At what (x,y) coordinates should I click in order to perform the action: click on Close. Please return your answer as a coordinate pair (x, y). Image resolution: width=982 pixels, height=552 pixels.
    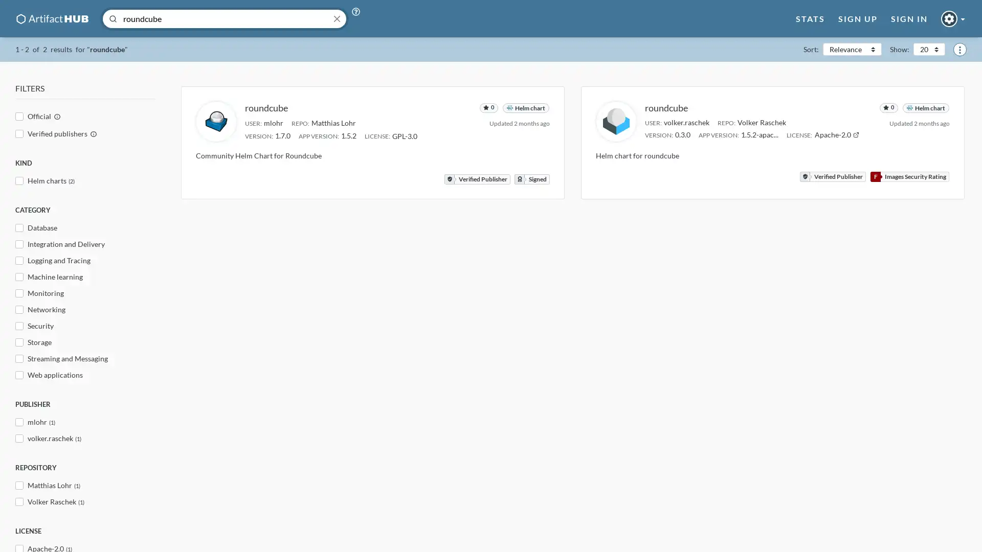
    Looking at the image, I should click on (658, 516).